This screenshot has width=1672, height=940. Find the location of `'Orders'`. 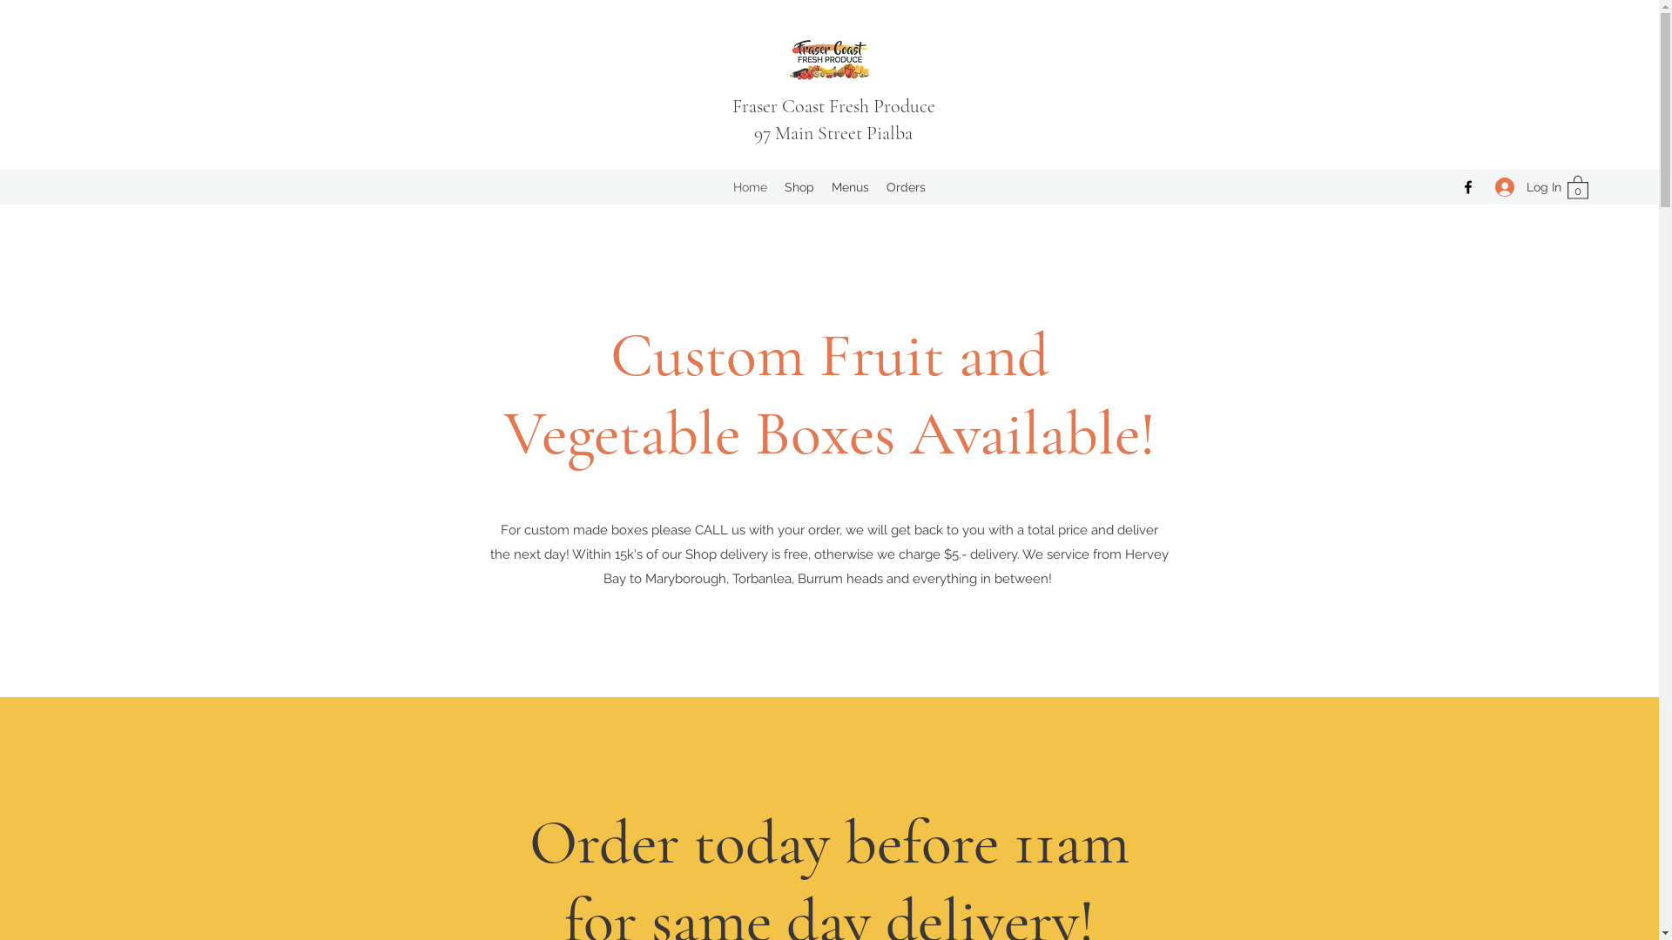

'Orders' is located at coordinates (906, 187).